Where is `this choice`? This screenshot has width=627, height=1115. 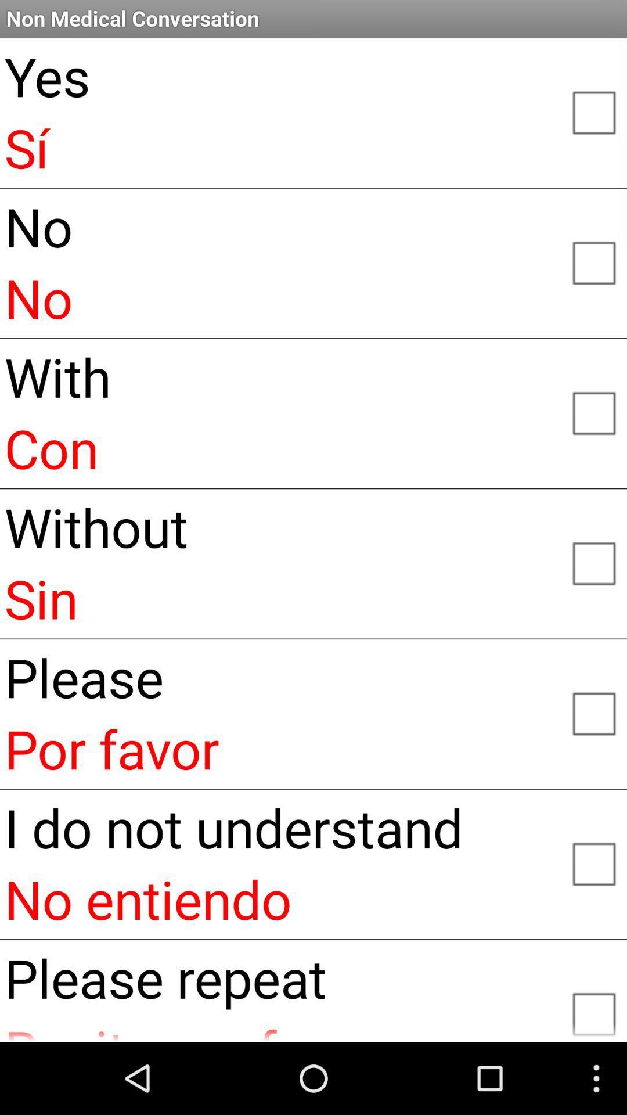 this choice is located at coordinates (593, 863).